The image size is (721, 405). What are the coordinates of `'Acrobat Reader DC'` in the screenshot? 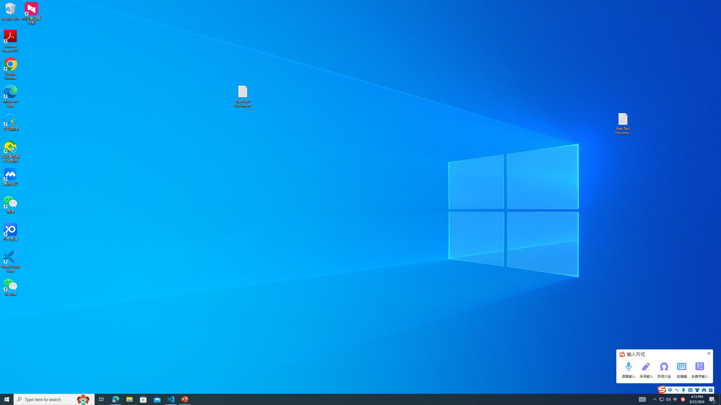 It's located at (10, 41).